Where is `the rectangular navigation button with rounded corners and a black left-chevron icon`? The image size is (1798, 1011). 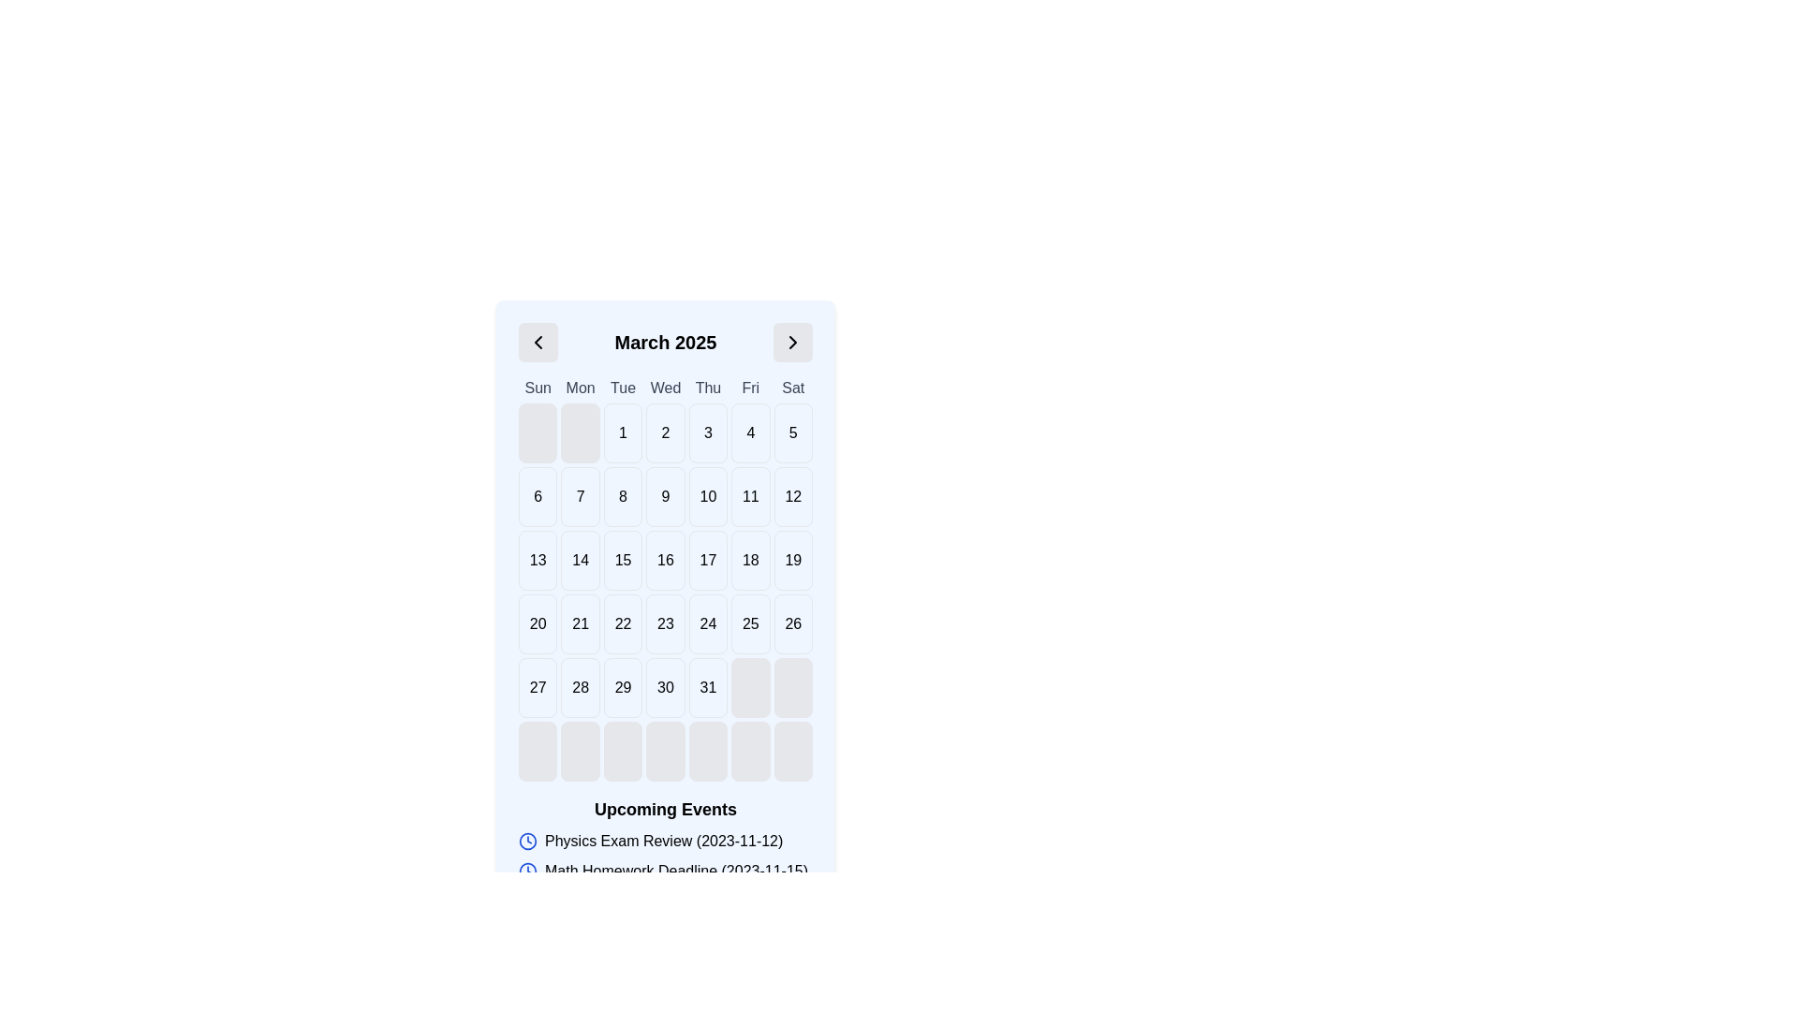 the rectangular navigation button with rounded corners and a black left-chevron icon is located at coordinates (538, 343).